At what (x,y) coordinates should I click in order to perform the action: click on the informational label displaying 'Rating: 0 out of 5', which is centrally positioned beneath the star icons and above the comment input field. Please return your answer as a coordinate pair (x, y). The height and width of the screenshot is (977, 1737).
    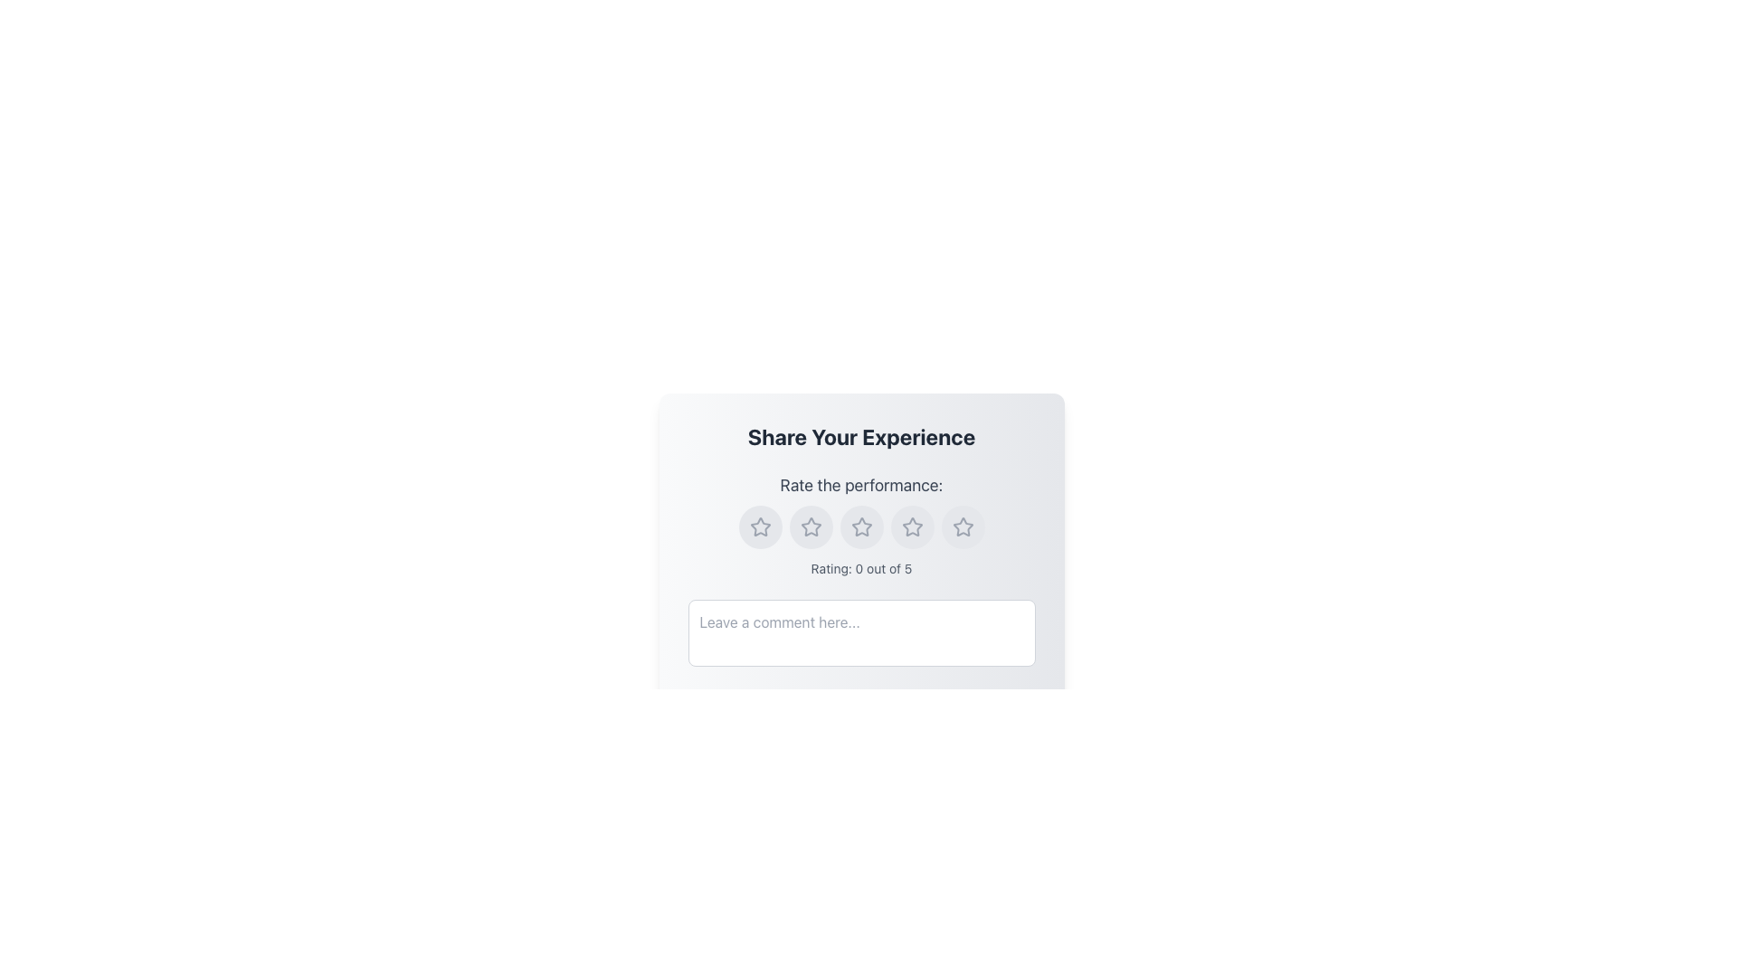
    Looking at the image, I should click on (860, 567).